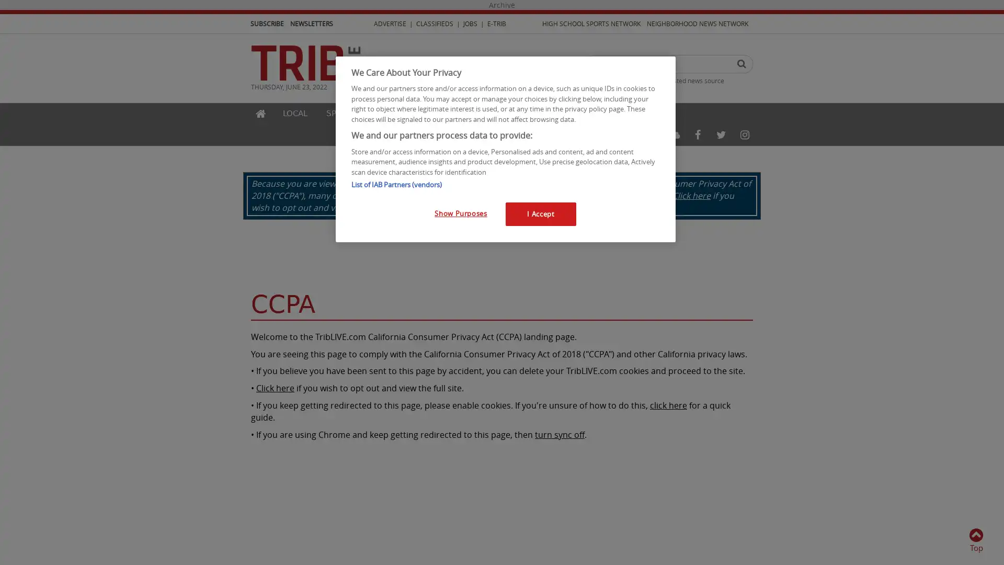 Image resolution: width=1004 pixels, height=565 pixels. What do you see at coordinates (505, 184) in the screenshot?
I see `List of IAB Partners (vendors)` at bounding box center [505, 184].